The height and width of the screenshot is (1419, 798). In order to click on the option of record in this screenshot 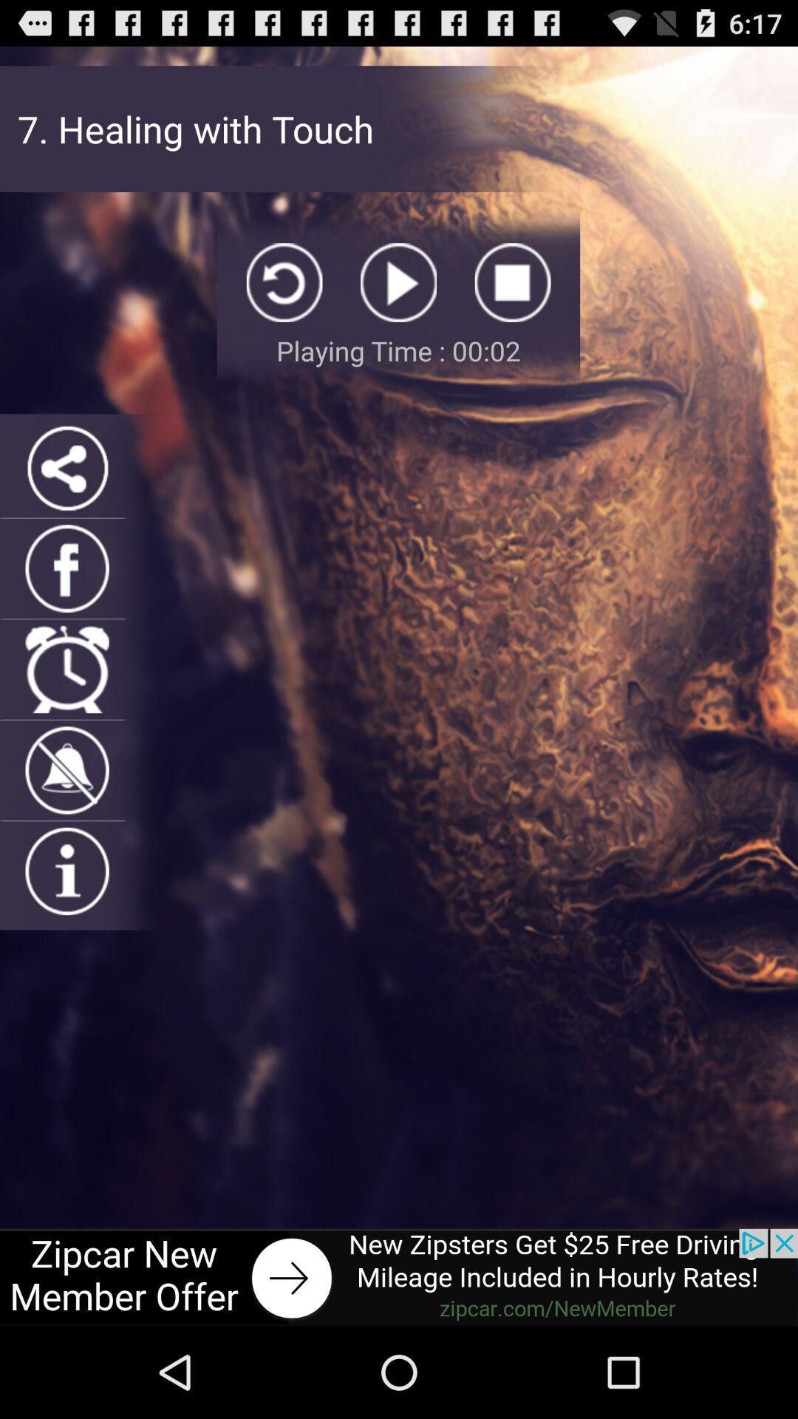, I will do `click(512, 282)`.